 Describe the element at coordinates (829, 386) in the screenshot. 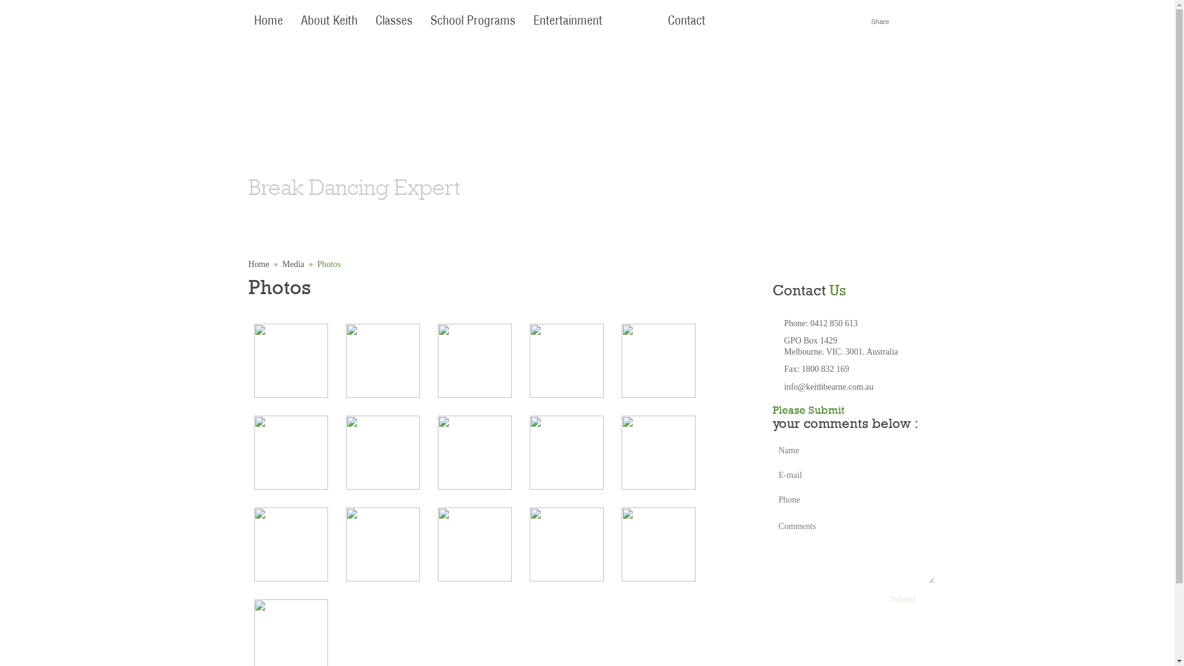

I see `'info@keithbearne.com.au'` at that location.